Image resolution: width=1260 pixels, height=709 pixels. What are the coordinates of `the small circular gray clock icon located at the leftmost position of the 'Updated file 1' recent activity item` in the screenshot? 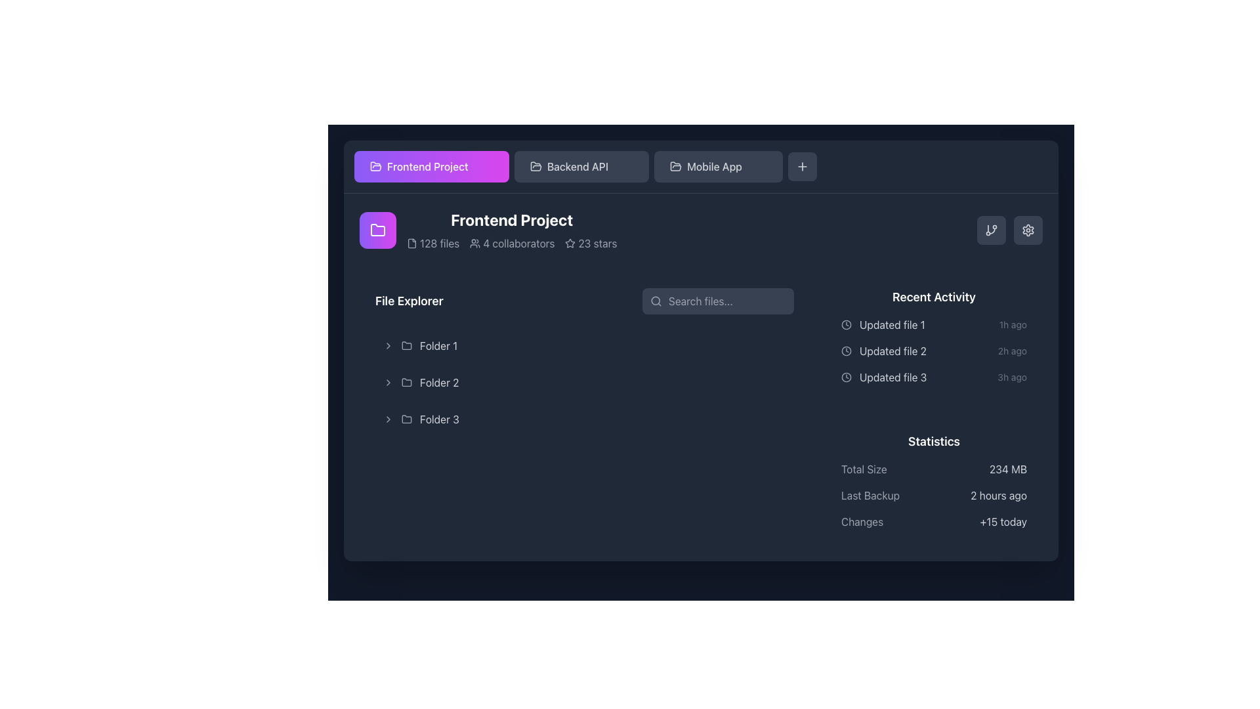 It's located at (847, 324).